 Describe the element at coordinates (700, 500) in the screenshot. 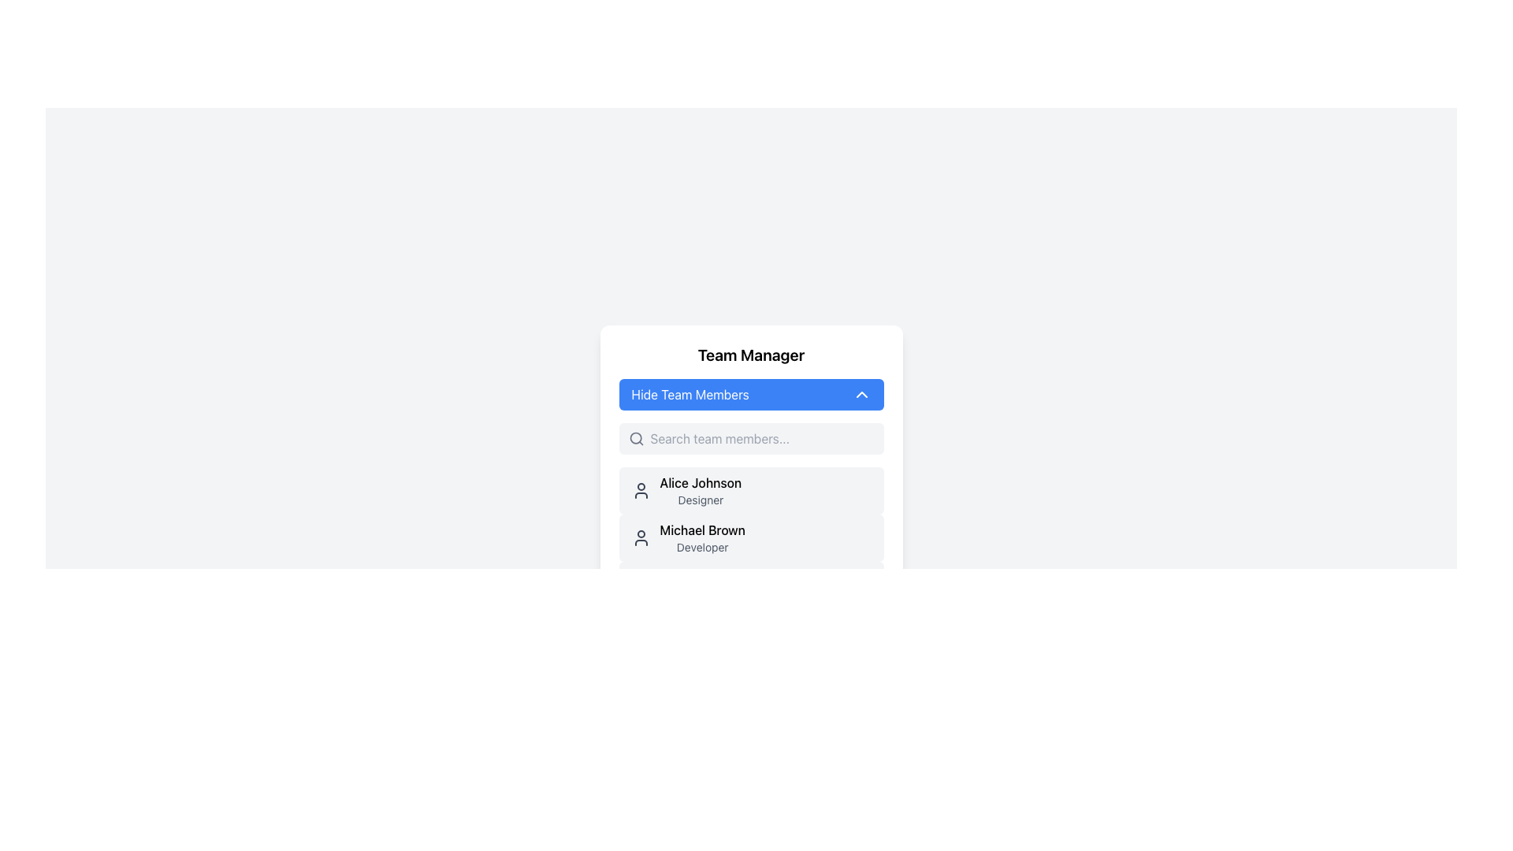

I see `Text label that displays the role or position associated with 'Alice Johnson' in the team members list` at that location.